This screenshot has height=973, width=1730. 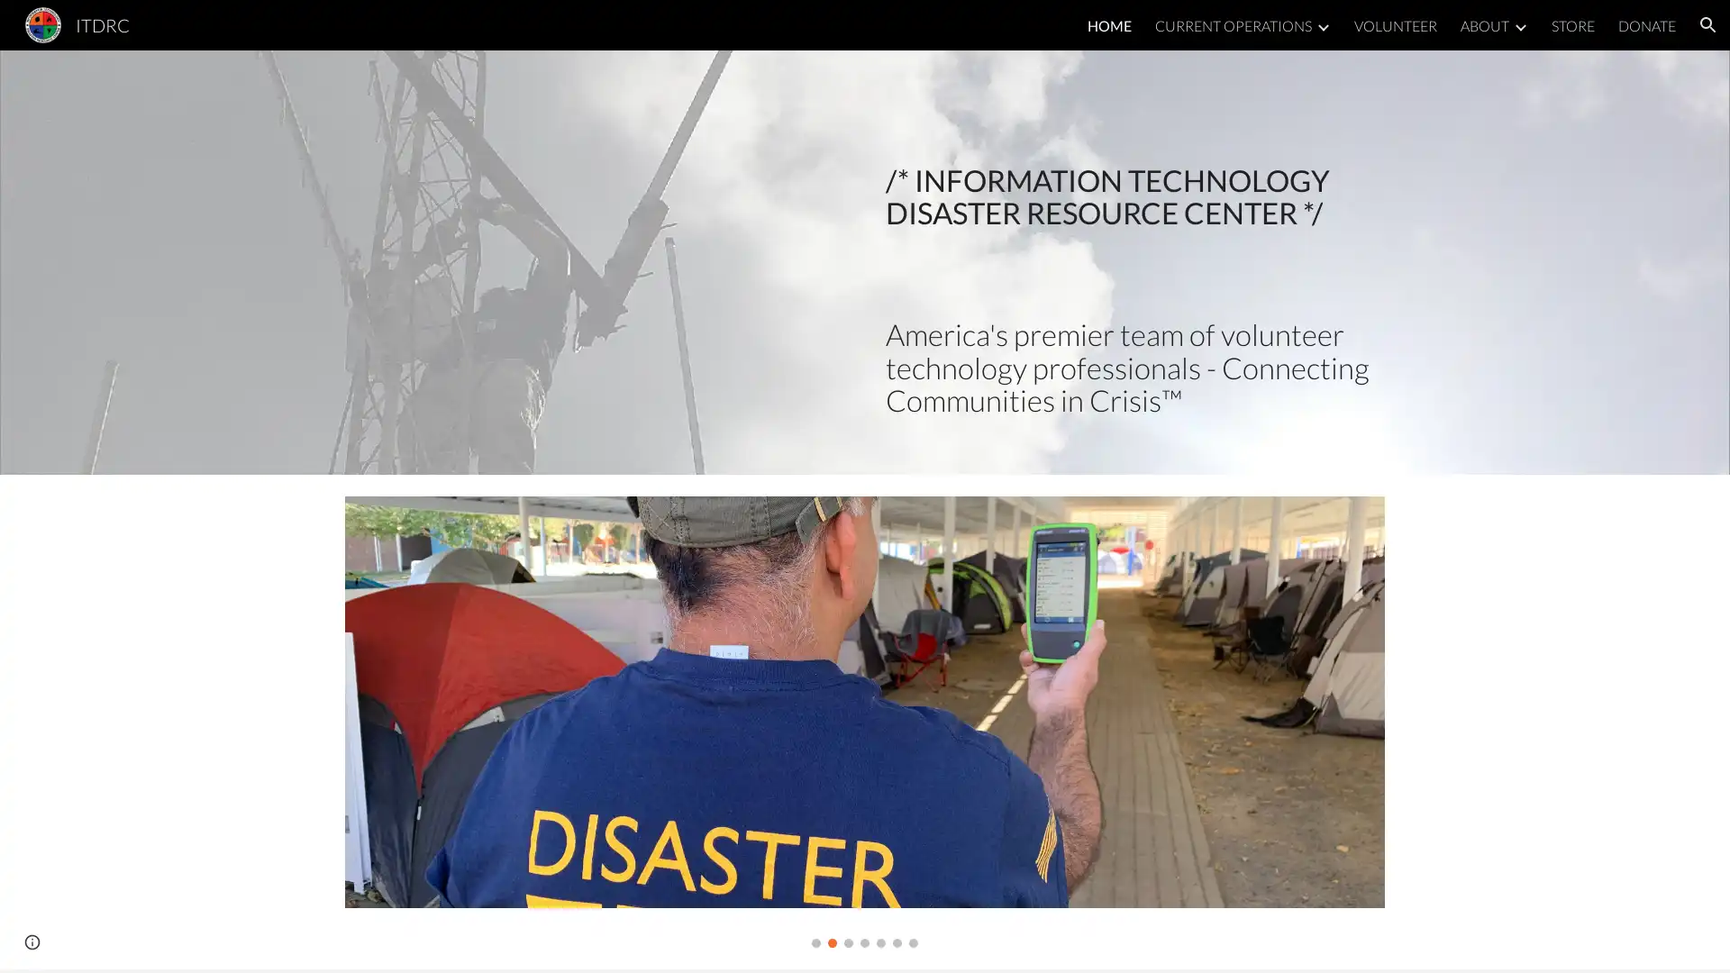 What do you see at coordinates (88, 941) in the screenshot?
I see `Report abuse` at bounding box center [88, 941].